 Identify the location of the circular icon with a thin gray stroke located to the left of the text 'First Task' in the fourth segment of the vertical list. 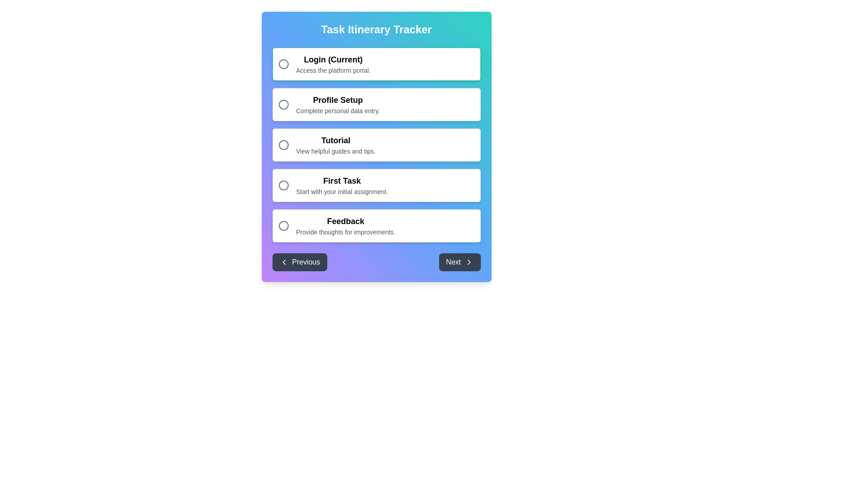
(283, 185).